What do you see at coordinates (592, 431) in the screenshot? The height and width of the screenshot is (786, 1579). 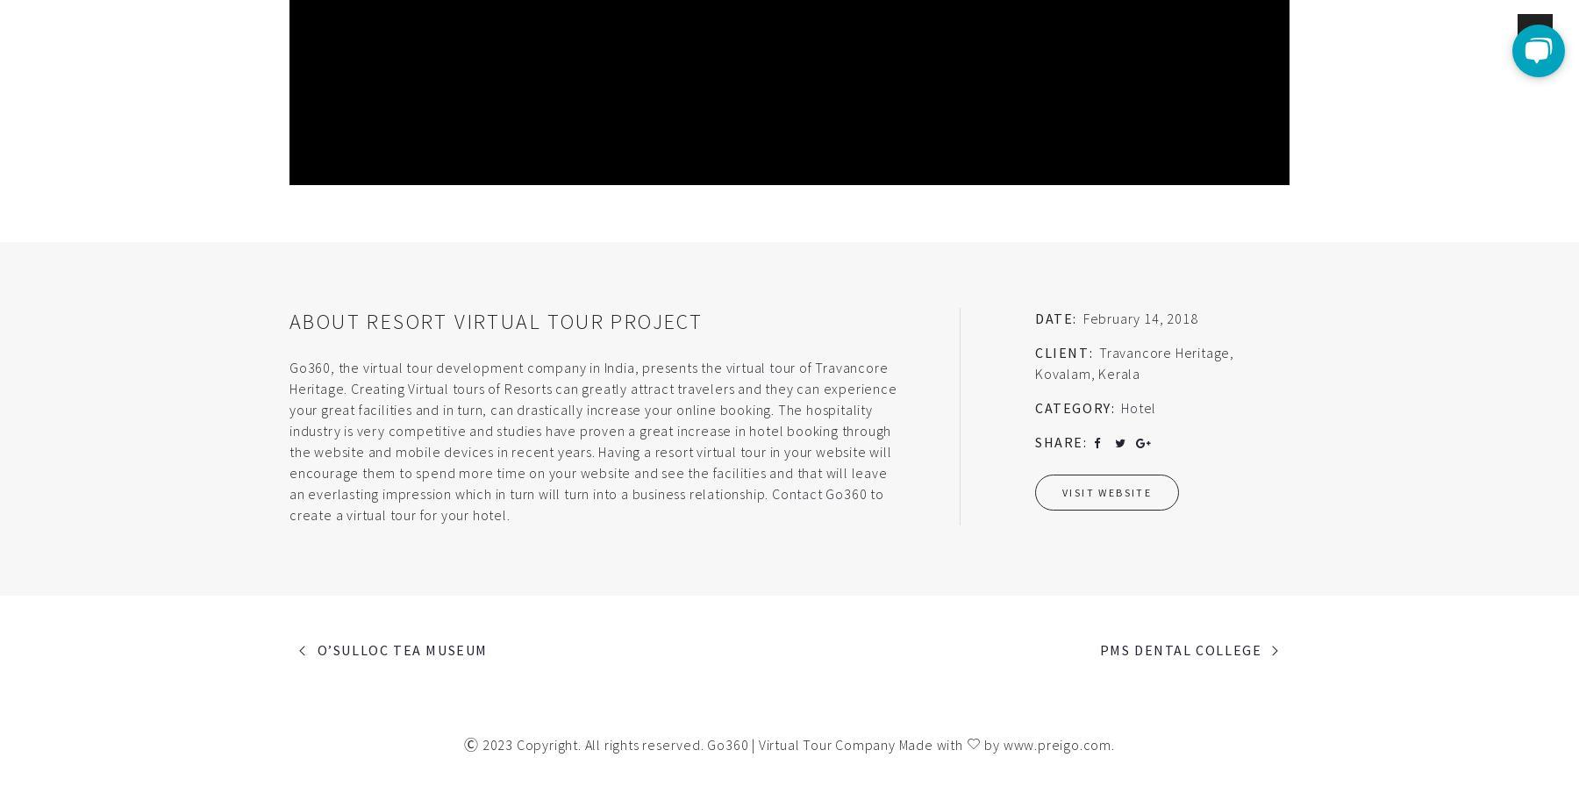 I see `'of Travancore Heritage. Creating Virtual tours of Resorts can greatly attract travelers and they can experience your great facilities and in turn, can drastically increase your online booking. The hospitality industry is very competitive and studies have proven a great increase in hotel booking through the website and mobile devices in recent years. Having a resort virtual tour in your website will encourage them to spend more time on your website and see the facilities and that will leave an everlasting impression which in turn will turn into a business relationship.'` at bounding box center [592, 431].